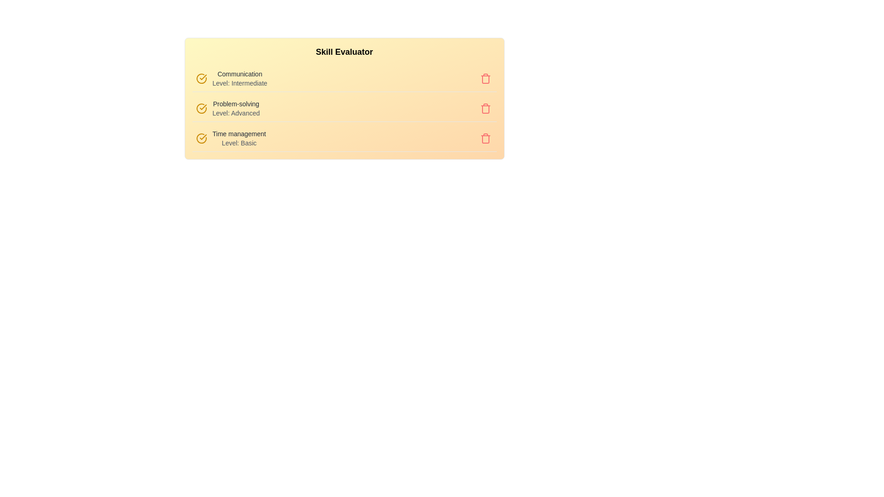  What do you see at coordinates (238, 138) in the screenshot?
I see `the skill text corresponding to Time management` at bounding box center [238, 138].